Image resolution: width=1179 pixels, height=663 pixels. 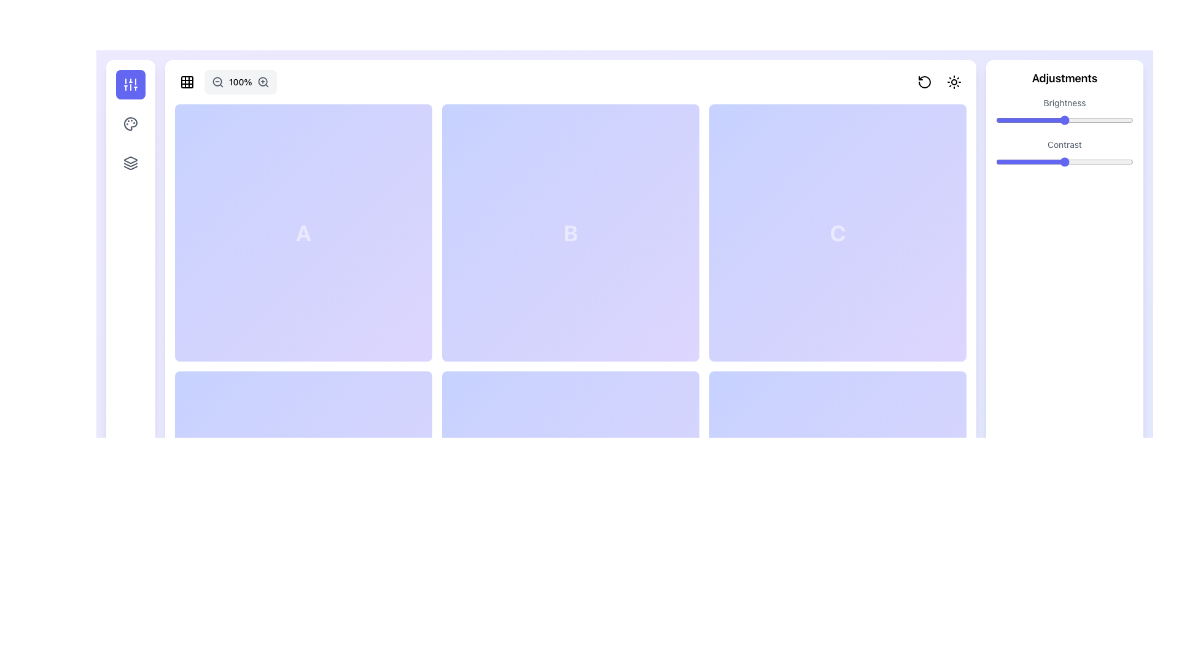 What do you see at coordinates (1004, 161) in the screenshot?
I see `the contrast` at bounding box center [1004, 161].